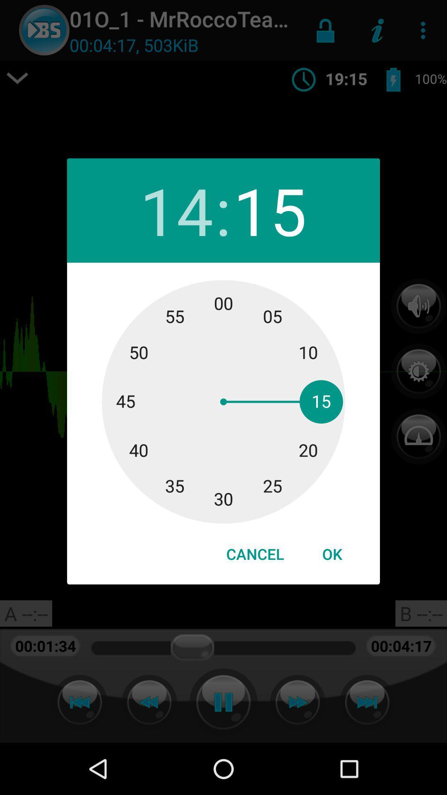  Describe the element at coordinates (255, 554) in the screenshot. I see `cancel item` at that location.